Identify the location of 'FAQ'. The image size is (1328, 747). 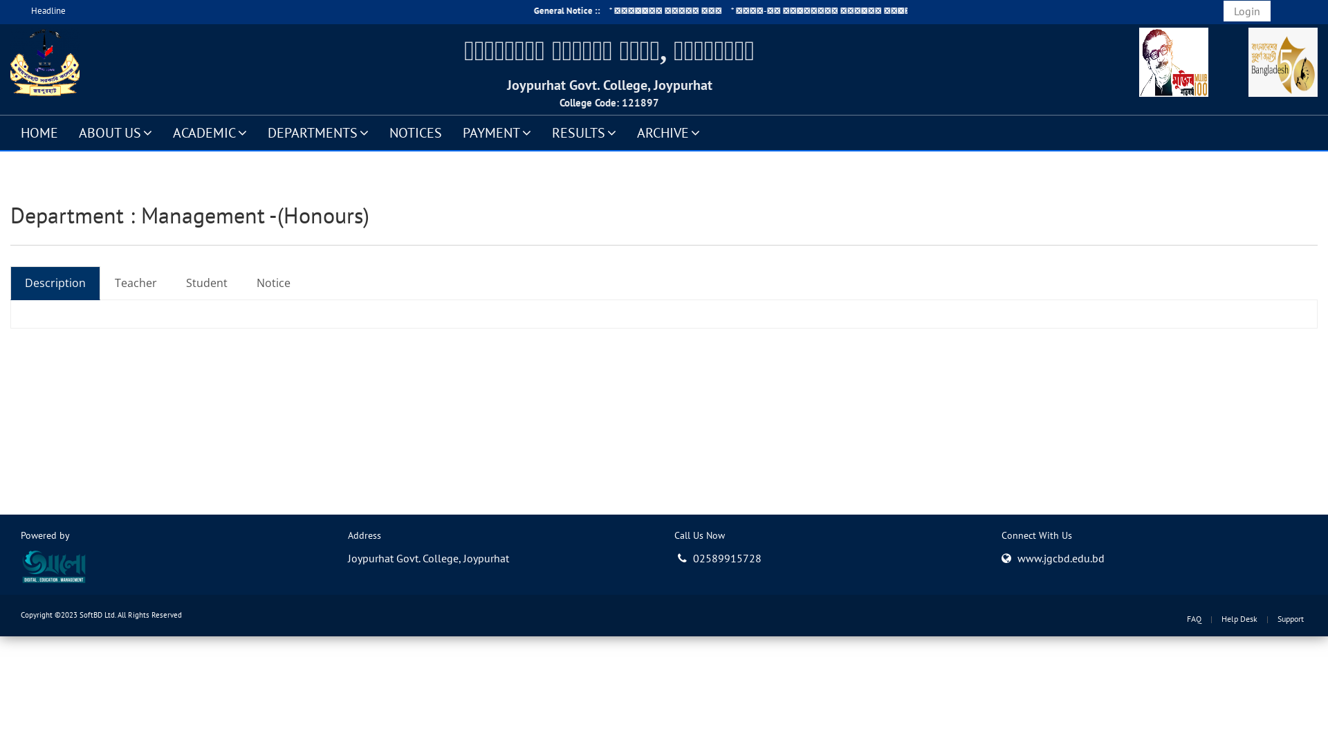
(1193, 617).